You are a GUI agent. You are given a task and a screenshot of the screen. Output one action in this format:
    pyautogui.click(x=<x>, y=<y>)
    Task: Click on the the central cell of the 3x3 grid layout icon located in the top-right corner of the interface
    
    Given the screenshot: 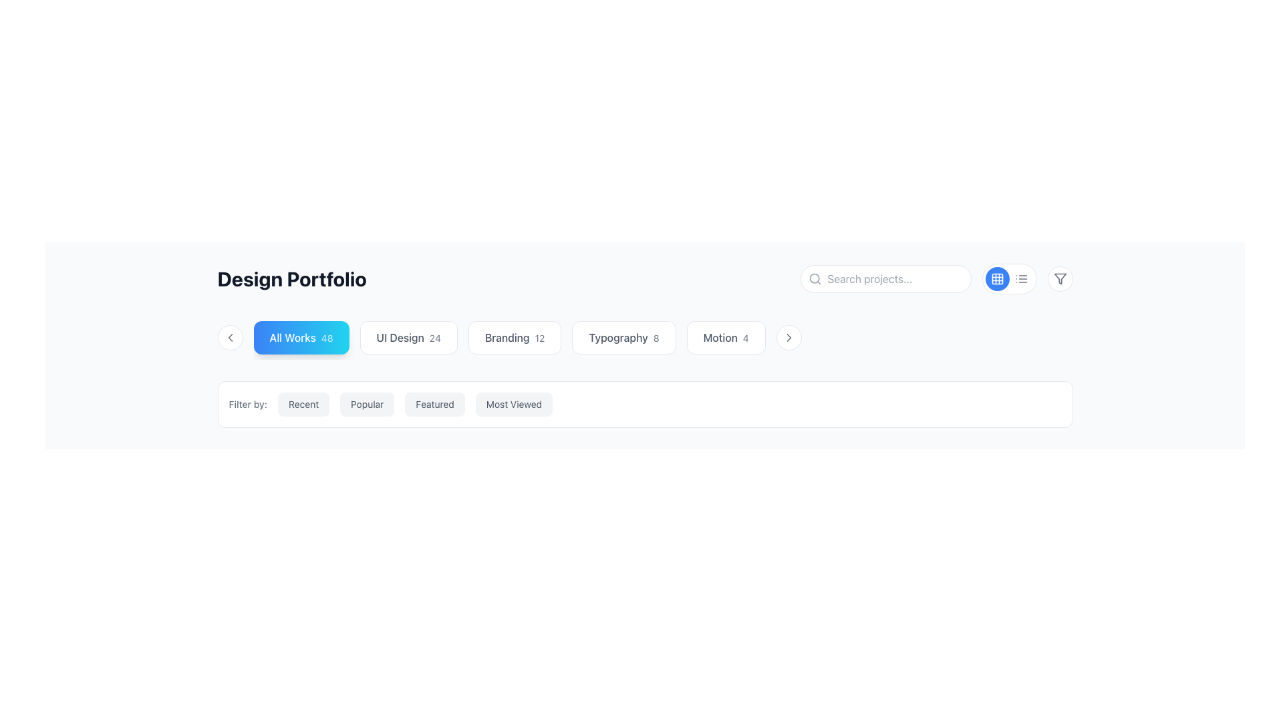 What is the action you would take?
    pyautogui.click(x=997, y=278)
    